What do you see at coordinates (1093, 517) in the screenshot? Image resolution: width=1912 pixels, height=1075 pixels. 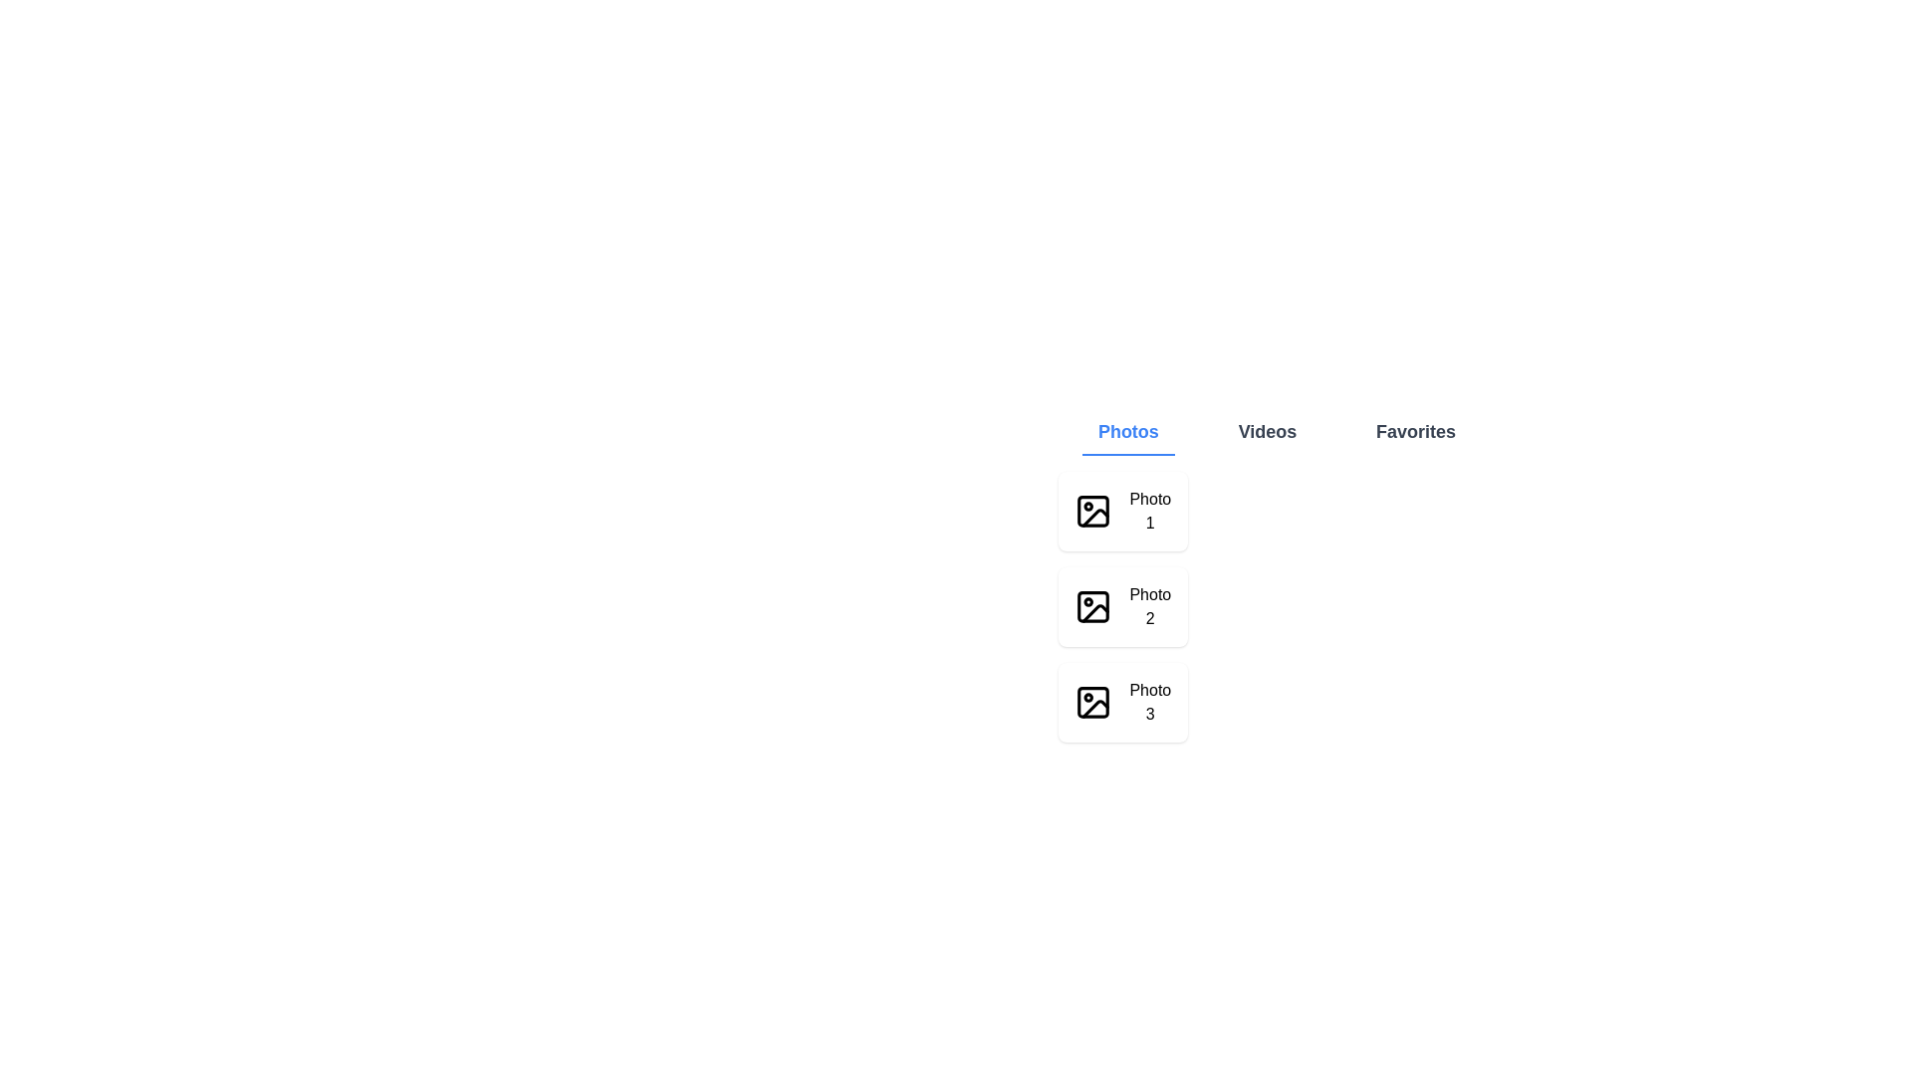 I see `the vector graphic line that forms a slanted pattern located within the topmost image icon in the 'Photos' section, adjacent to 'Photo 1'` at bounding box center [1093, 517].